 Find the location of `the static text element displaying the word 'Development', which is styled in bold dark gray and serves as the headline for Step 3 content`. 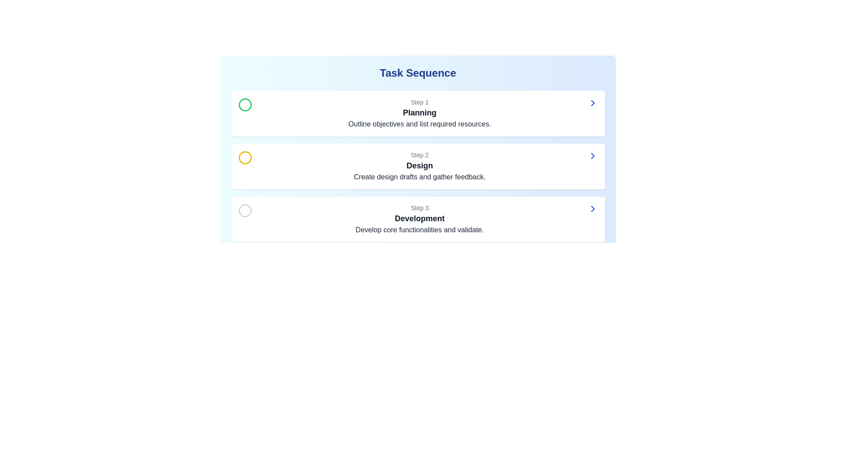

the static text element displaying the word 'Development', which is styled in bold dark gray and serves as the headline for Step 3 content is located at coordinates (419, 218).